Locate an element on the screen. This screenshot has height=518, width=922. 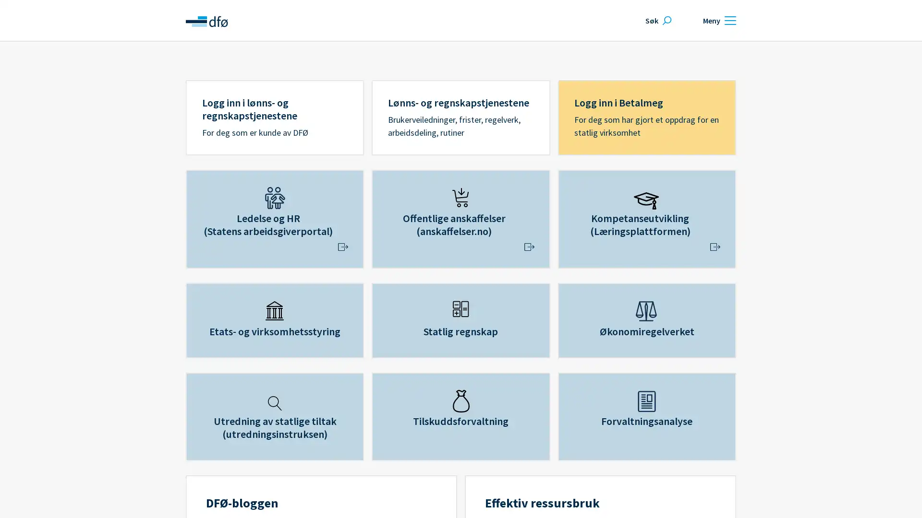
Apne meny is located at coordinates (718, 20).